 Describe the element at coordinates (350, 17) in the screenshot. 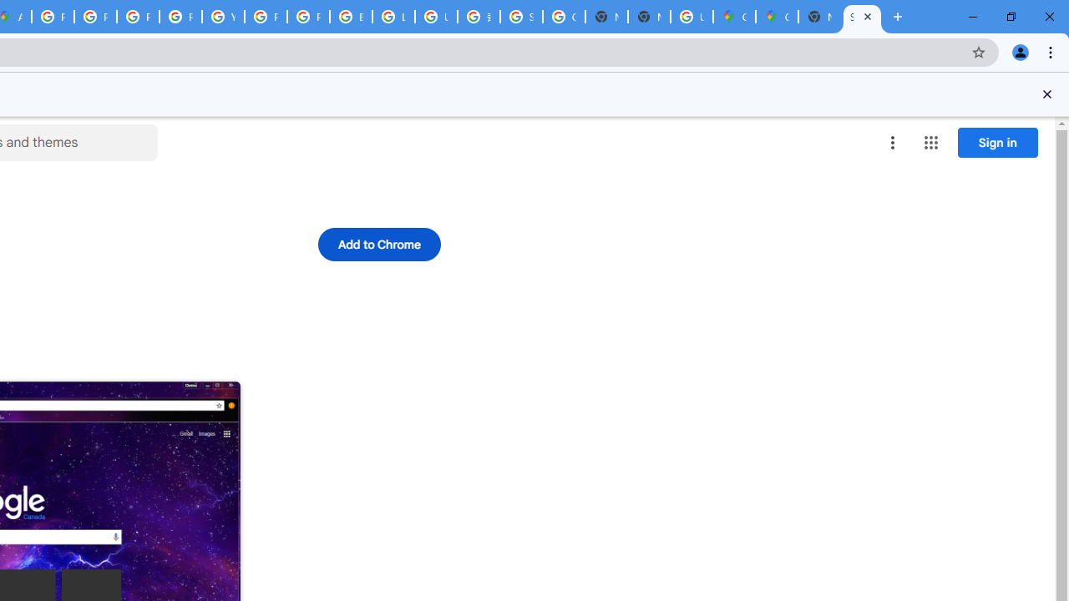

I see `'Browse Chrome as a guest - Computer - Google Chrome Help'` at that location.